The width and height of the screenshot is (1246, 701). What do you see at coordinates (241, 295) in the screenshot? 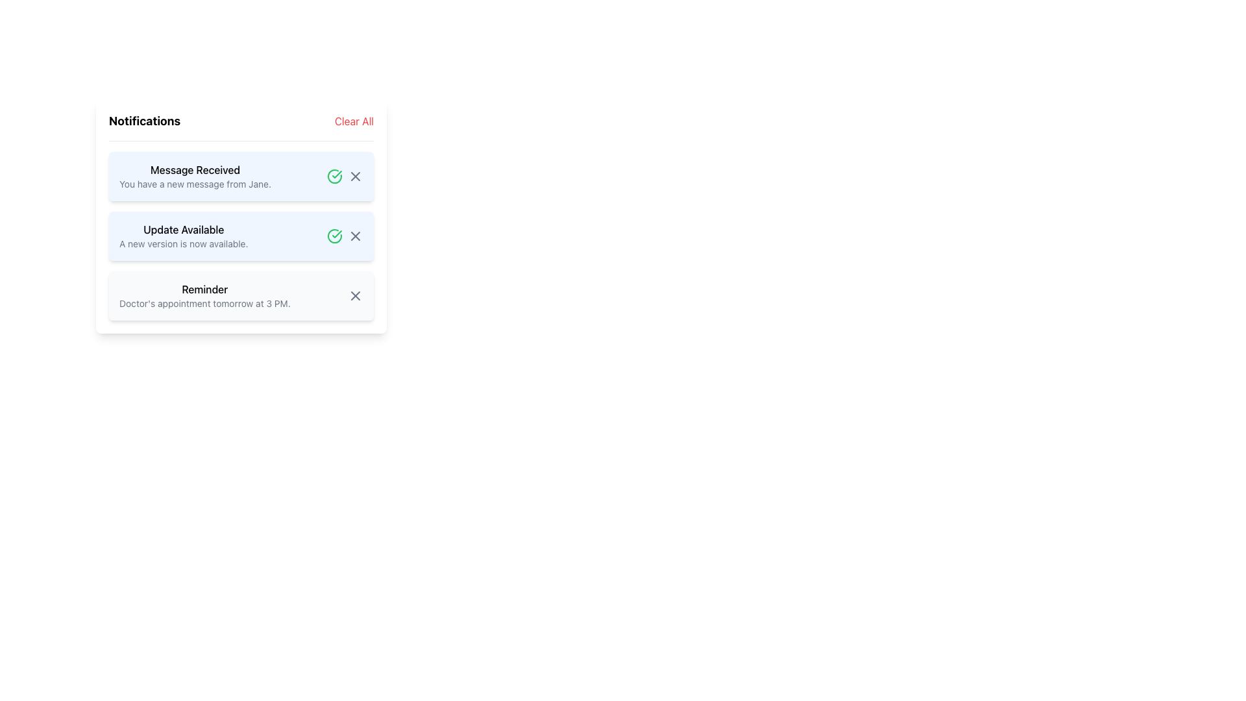
I see `the third notification card in the Notifications section` at bounding box center [241, 295].